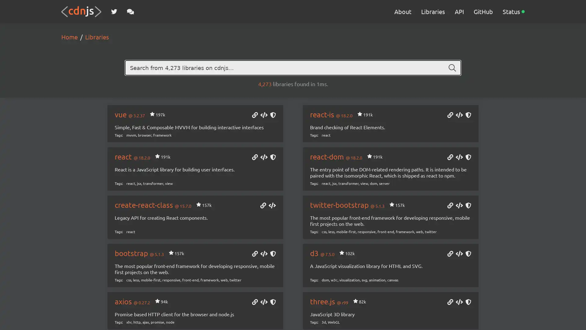 This screenshot has width=586, height=330. I want to click on Copy SRI Hash, so click(468, 254).